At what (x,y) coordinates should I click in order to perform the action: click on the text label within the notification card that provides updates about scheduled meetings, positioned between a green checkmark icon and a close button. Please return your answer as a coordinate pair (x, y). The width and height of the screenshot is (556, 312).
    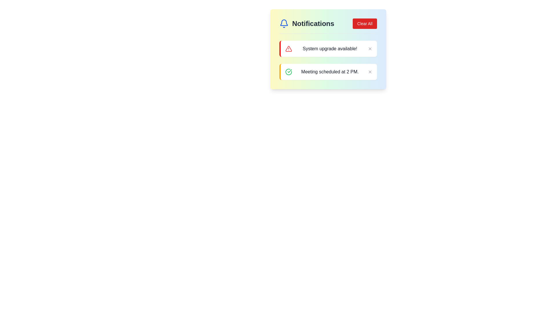
    Looking at the image, I should click on (330, 72).